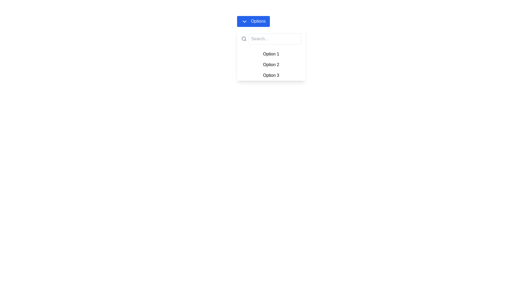 This screenshot has width=512, height=288. Describe the element at coordinates (271, 64) in the screenshot. I see `the dropdown menu options list` at that location.